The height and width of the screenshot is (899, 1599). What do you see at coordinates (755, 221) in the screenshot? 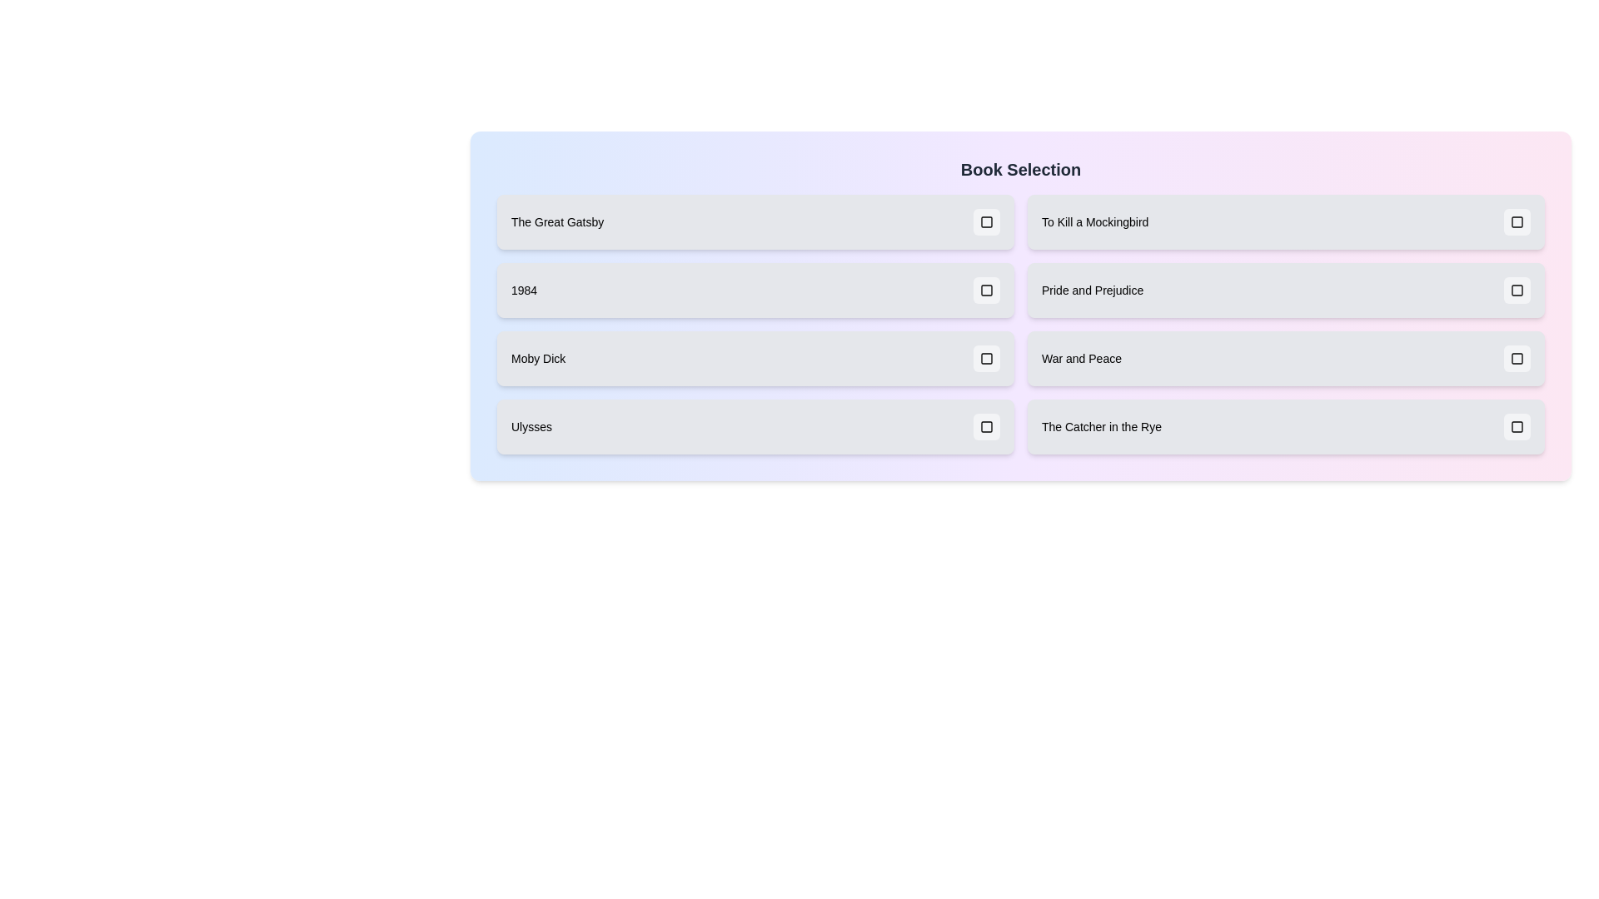
I see `the book item labeled 'The Great Gatsby' to observe its visual transition` at bounding box center [755, 221].